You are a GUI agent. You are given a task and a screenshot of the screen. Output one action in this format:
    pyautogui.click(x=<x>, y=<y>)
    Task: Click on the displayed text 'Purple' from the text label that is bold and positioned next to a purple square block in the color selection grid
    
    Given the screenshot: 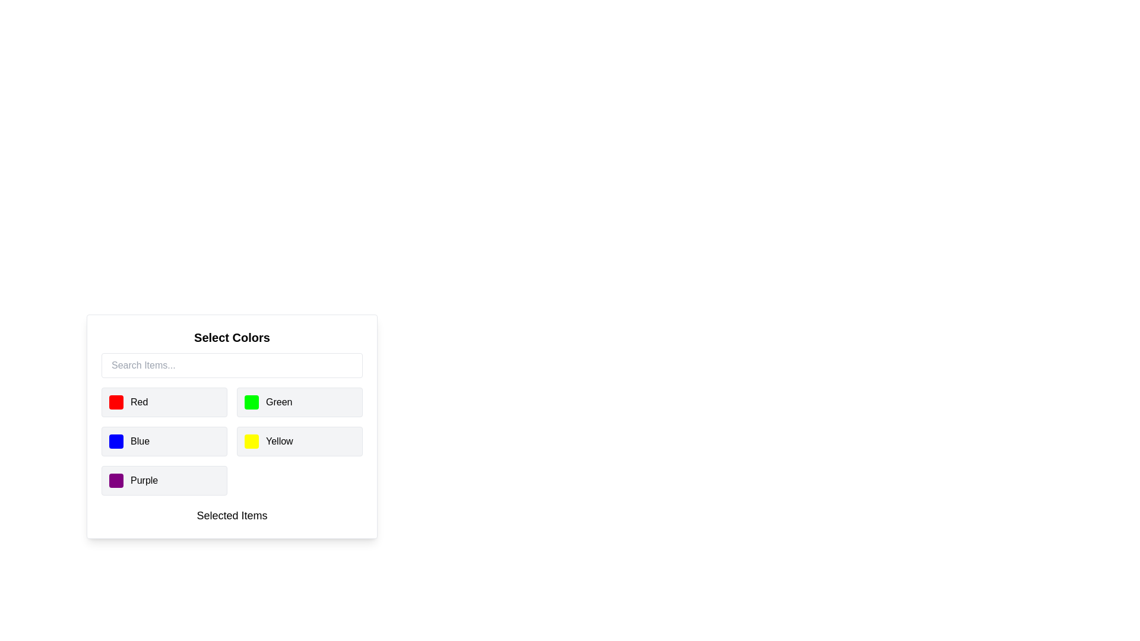 What is the action you would take?
    pyautogui.click(x=144, y=481)
    